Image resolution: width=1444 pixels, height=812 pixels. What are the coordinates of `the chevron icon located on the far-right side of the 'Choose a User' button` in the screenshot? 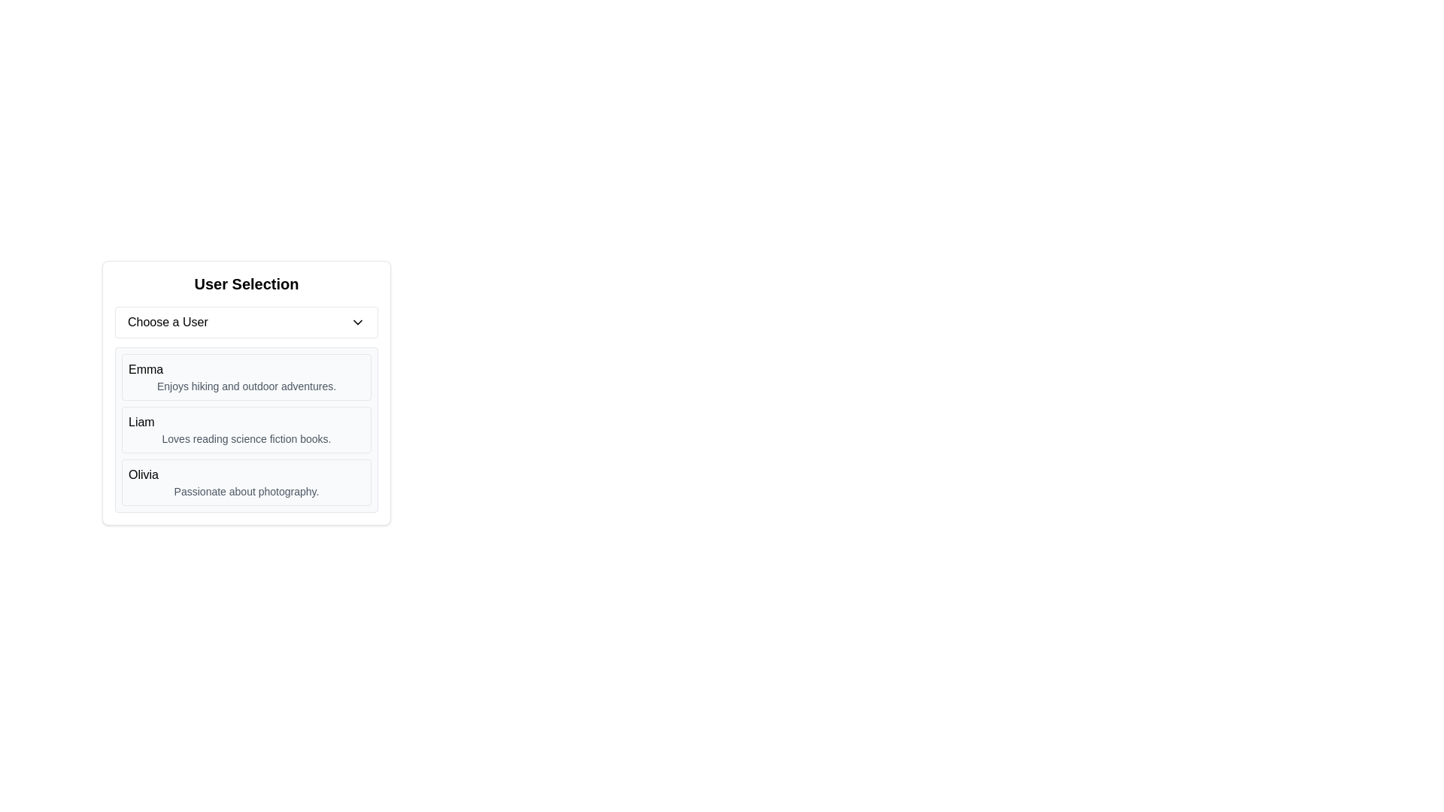 It's located at (356, 321).